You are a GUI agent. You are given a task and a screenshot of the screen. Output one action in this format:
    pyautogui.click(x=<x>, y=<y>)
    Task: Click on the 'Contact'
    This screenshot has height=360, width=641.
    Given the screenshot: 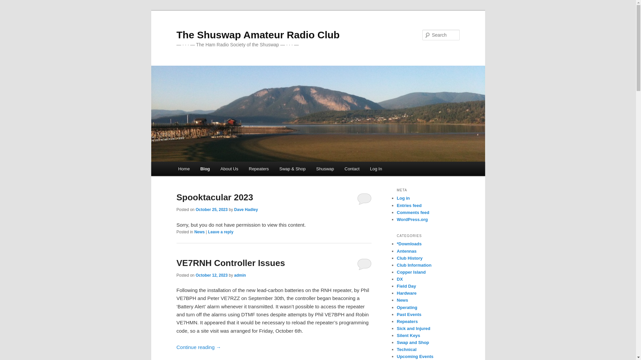 What is the action you would take?
    pyautogui.click(x=352, y=168)
    